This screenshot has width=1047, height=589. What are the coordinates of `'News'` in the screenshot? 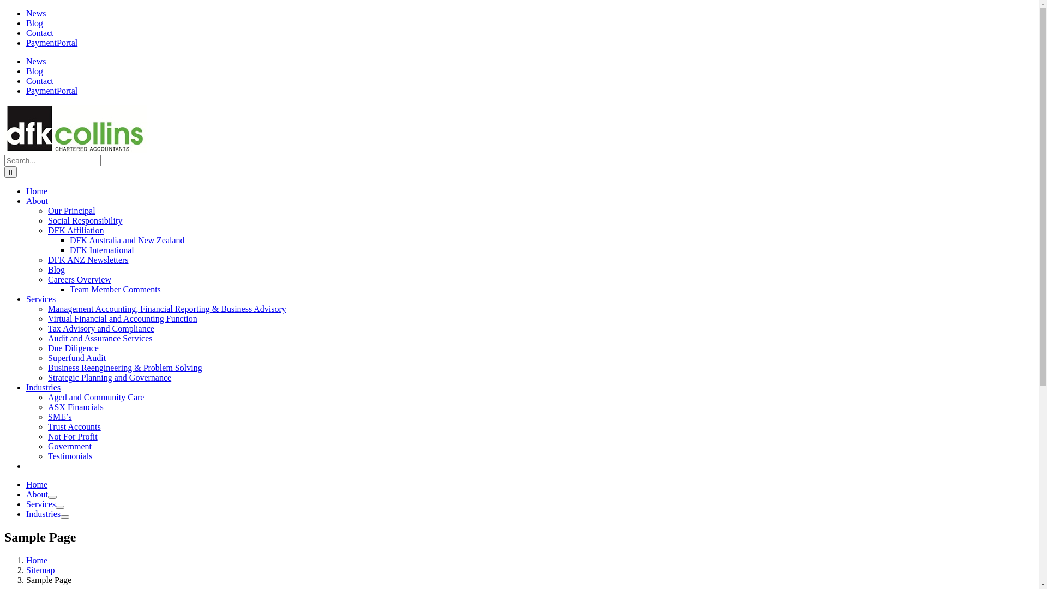 It's located at (36, 61).